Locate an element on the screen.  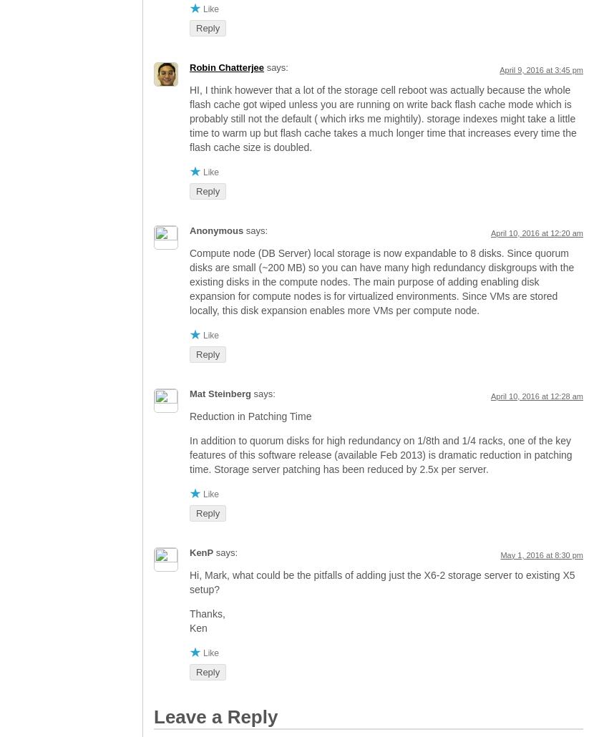
'May 1, 2016 at 8:30 pm' is located at coordinates (541, 553).